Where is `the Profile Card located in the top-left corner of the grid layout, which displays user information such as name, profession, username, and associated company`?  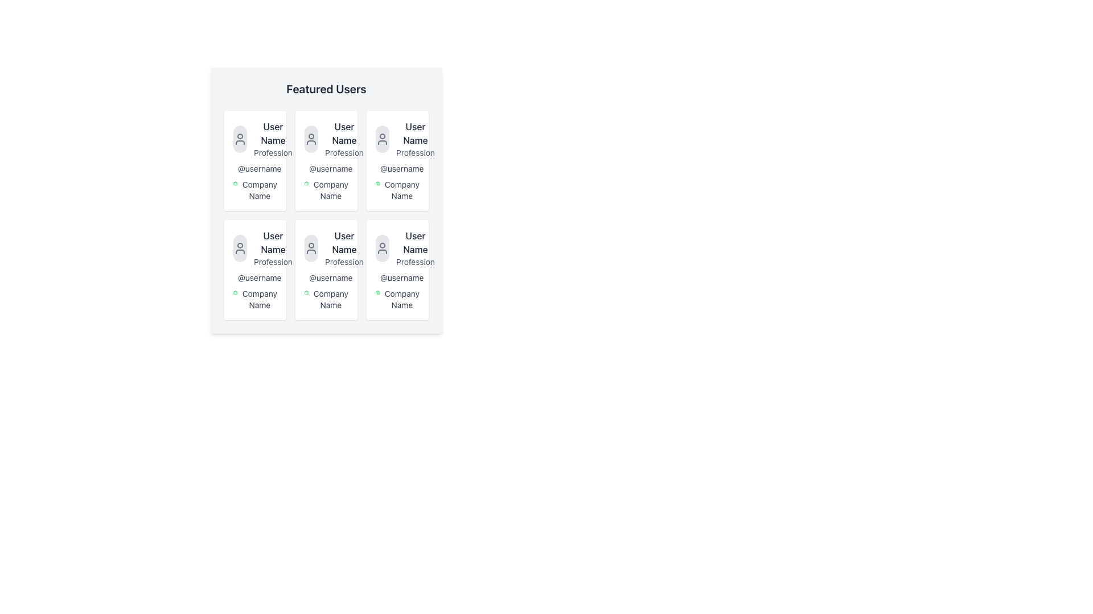 the Profile Card located in the top-left corner of the grid layout, which displays user information such as name, profession, username, and associated company is located at coordinates (254, 160).